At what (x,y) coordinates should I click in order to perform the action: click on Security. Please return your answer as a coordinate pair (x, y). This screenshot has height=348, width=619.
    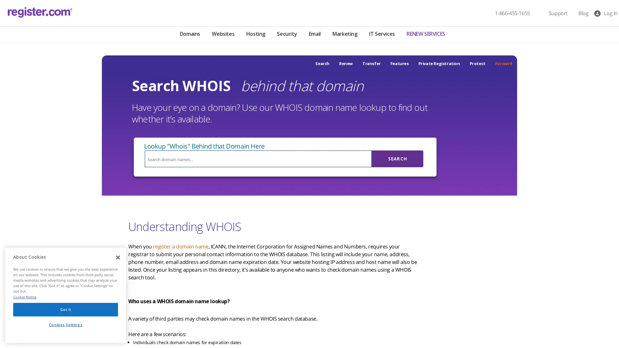
    Looking at the image, I should click on (286, 34).